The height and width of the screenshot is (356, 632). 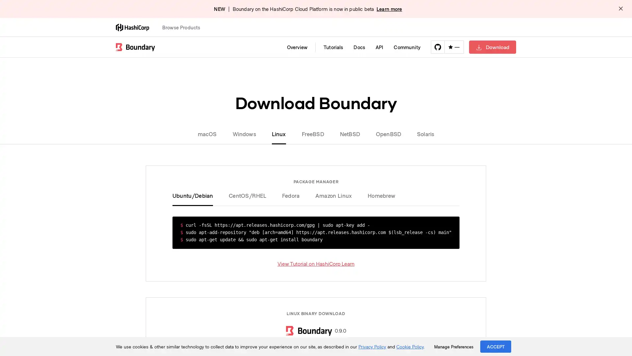 What do you see at coordinates (278, 133) in the screenshot?
I see `Linux` at bounding box center [278, 133].